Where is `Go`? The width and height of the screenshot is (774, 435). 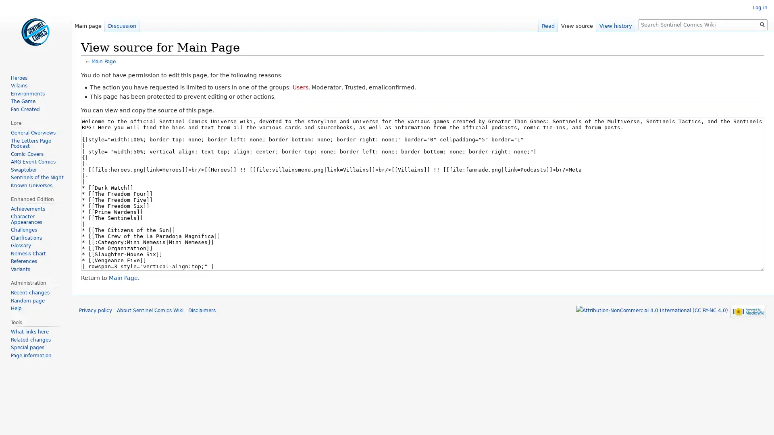
Go is located at coordinates (762, 24).